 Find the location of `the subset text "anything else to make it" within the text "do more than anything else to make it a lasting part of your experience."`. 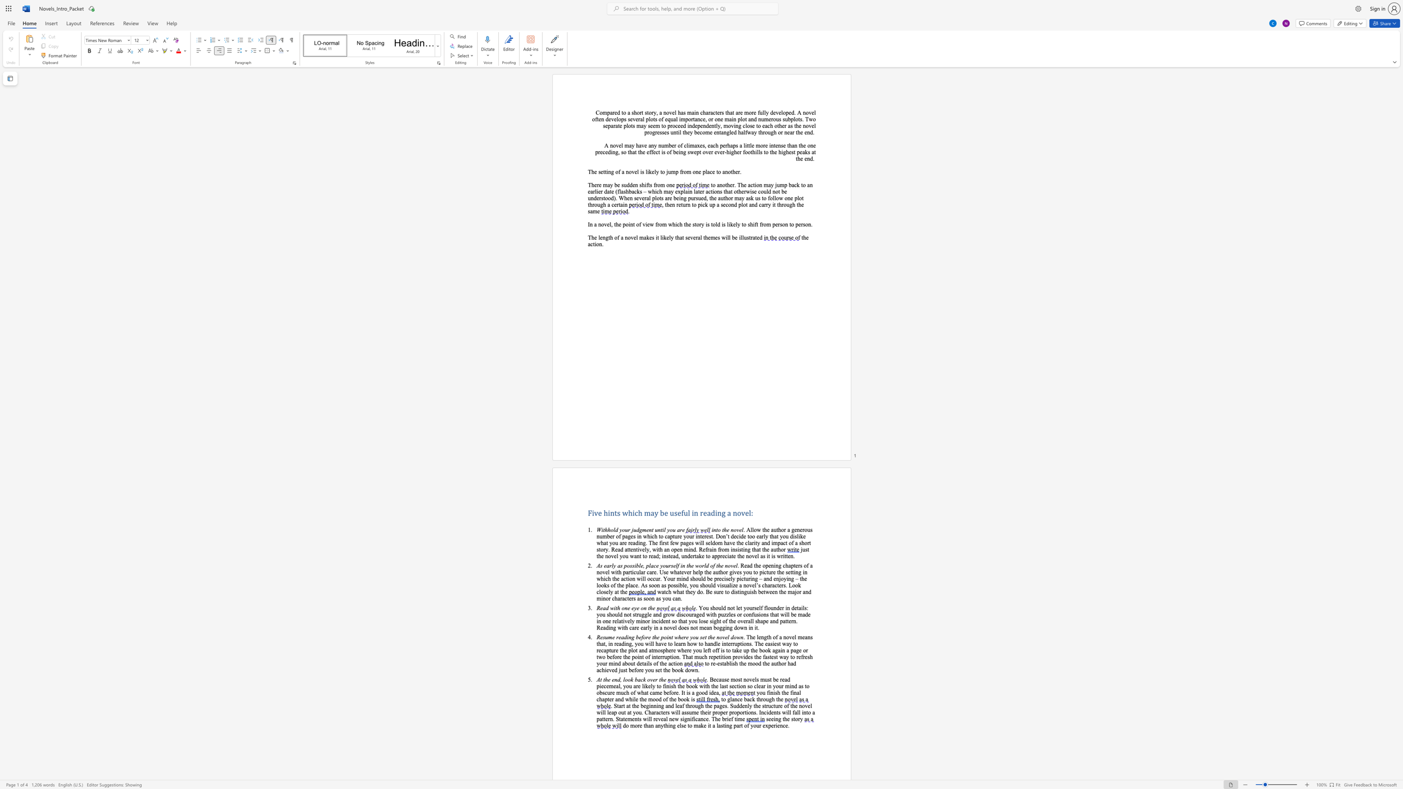

the subset text "anything else to make it" within the text "do more than anything else to make it a lasting part of your experience." is located at coordinates (655, 725).